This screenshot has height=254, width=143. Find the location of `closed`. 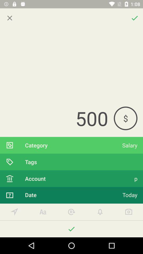

closed is located at coordinates (10, 18).